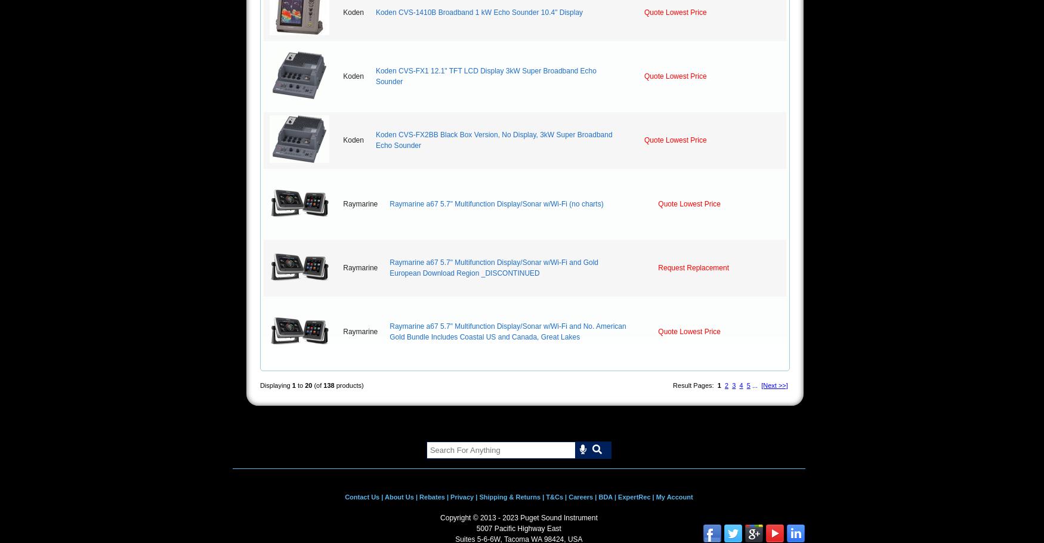 The width and height of the screenshot is (1044, 543). I want to click on 'Koden CVS-FX2BB Black Box Version, No Display, 3kW Super Broadband Echo Sounder', so click(493, 140).